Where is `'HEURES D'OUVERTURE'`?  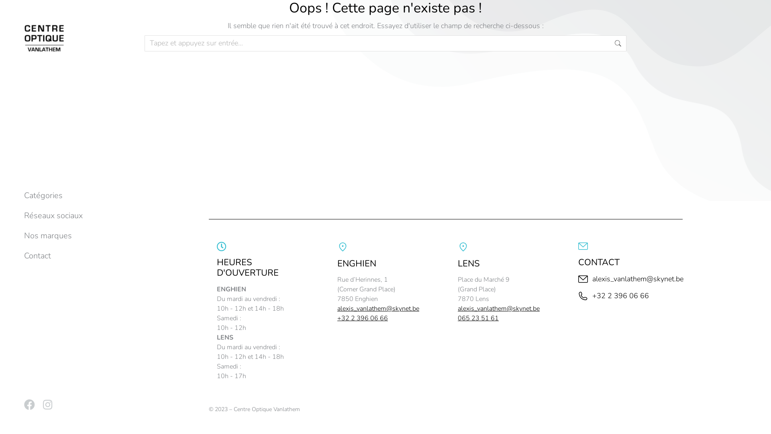
'HEURES D'OUVERTURE' is located at coordinates (247, 268).